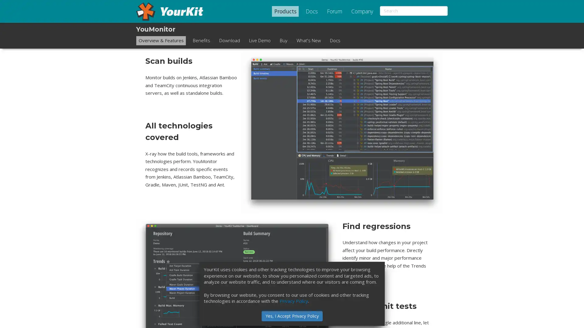 This screenshot has height=328, width=584. I want to click on Yes, I Accept Privacy Policy, so click(291, 316).